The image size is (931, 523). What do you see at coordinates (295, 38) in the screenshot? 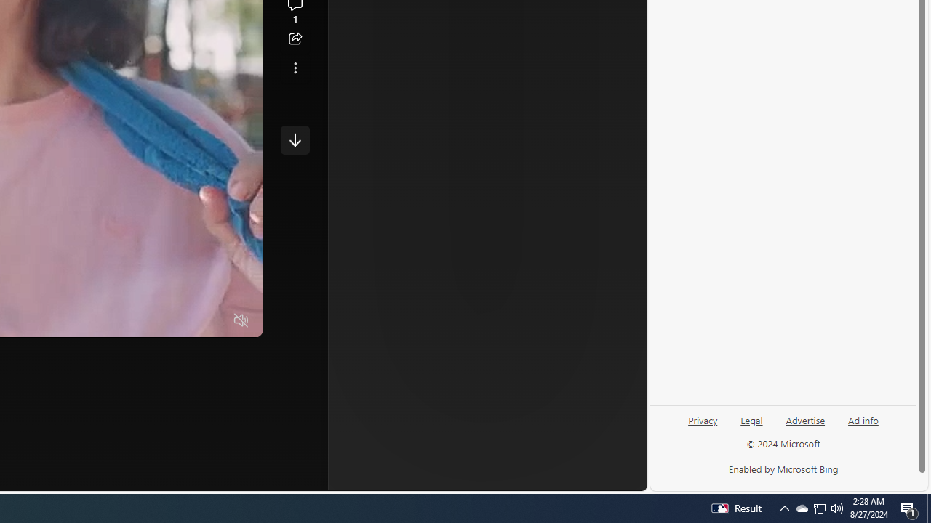
I see `'Share this story'` at bounding box center [295, 38].